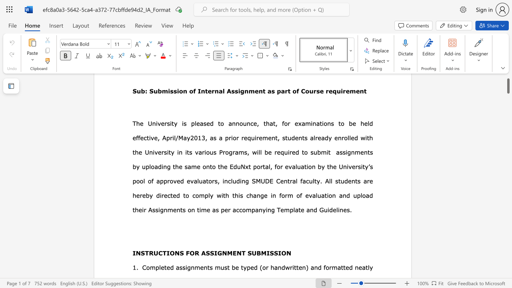  Describe the element at coordinates (508, 82) in the screenshot. I see `the scrollbar and move down 6110 pixels` at that location.